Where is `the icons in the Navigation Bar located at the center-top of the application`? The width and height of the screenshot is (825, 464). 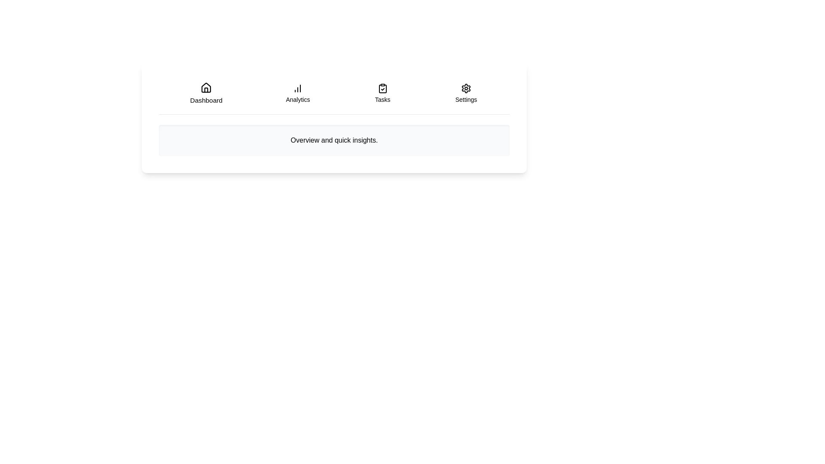 the icons in the Navigation Bar located at the center-top of the application is located at coordinates (333, 97).